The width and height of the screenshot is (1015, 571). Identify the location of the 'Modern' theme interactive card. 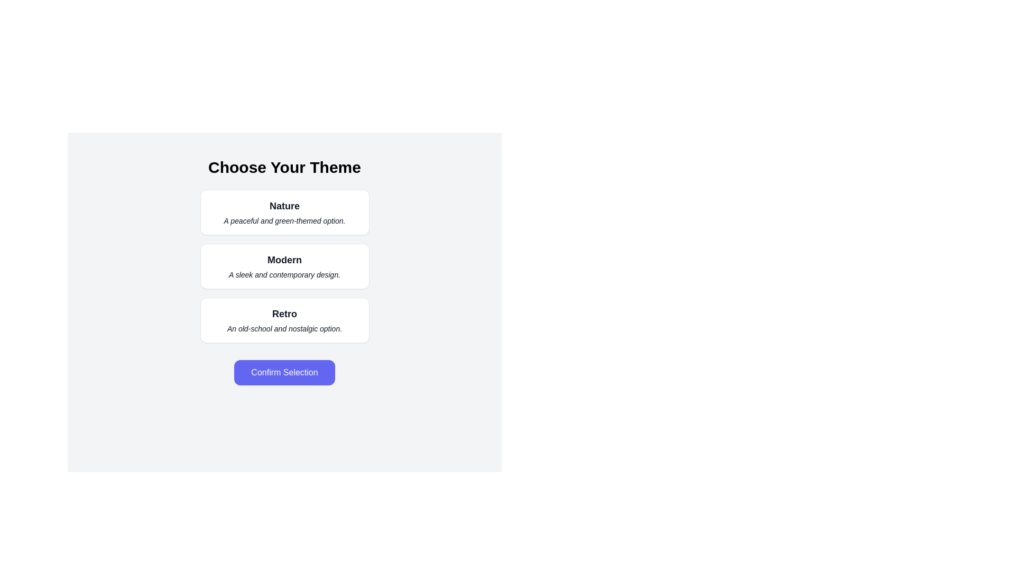
(284, 266).